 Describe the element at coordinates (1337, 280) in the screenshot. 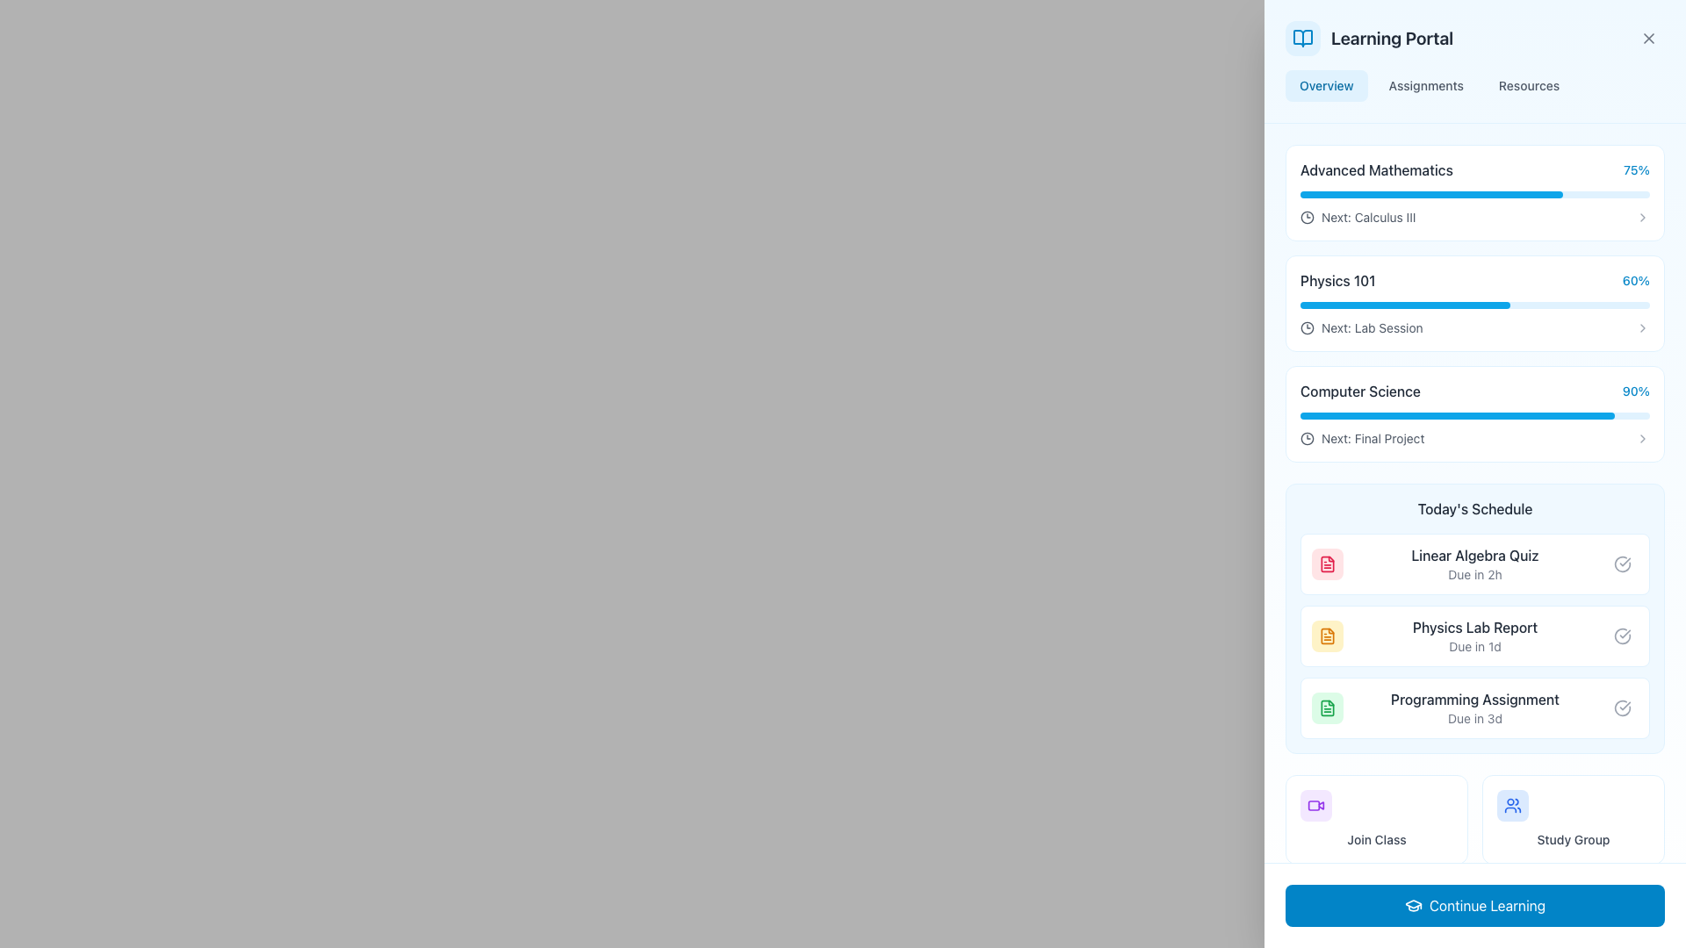

I see `the Text Label displaying 'Physics 101', which is styled in dark gray and located below 'Advanced Mathematics' in the vertical list` at that location.